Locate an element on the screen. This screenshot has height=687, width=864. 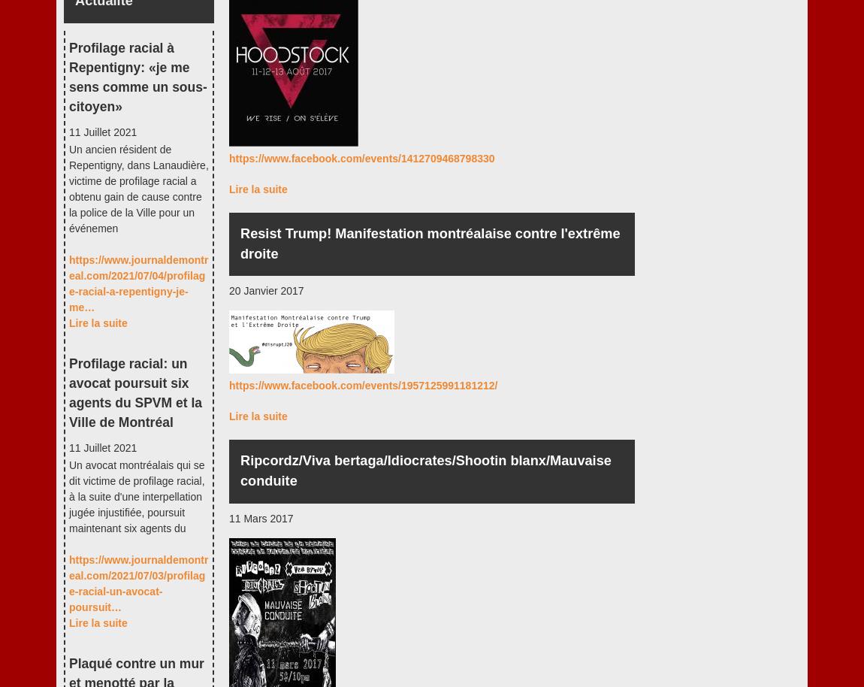
'https://www.facebook.com/events/1412709468798330' is located at coordinates (361, 158).